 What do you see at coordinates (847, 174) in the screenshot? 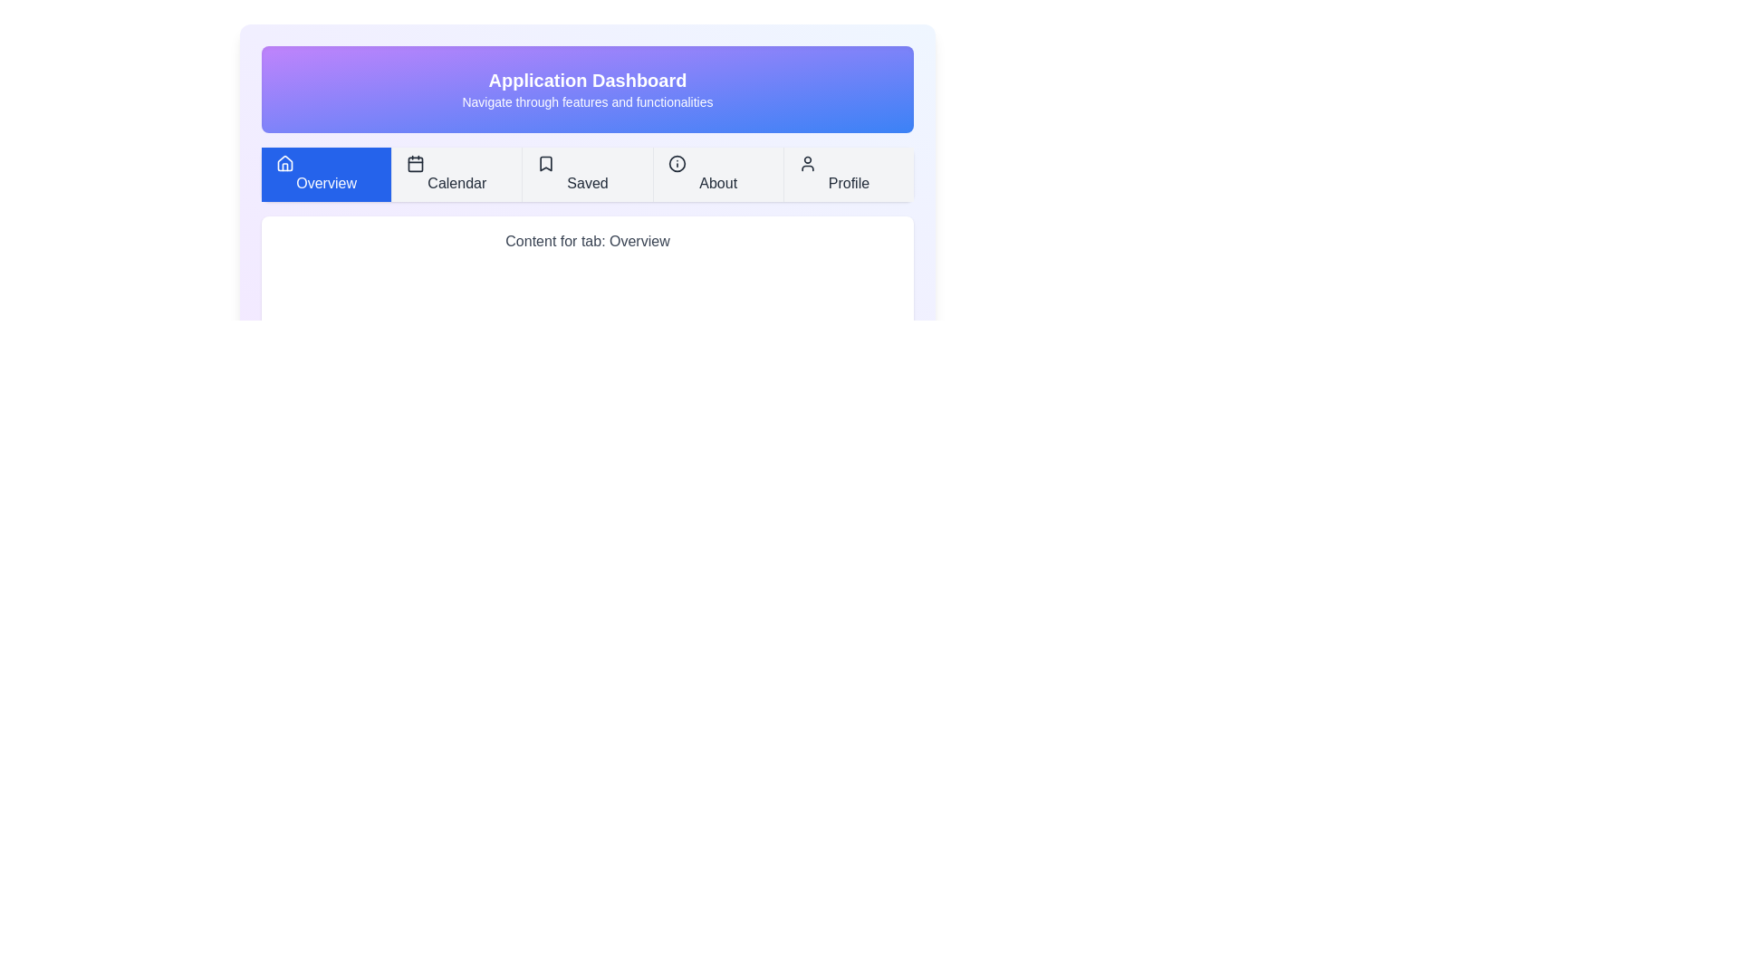
I see `the 'Profile' tab in the navigation bar, which is the fifth tab from the left and contains a user icon and the text 'Profile'` at bounding box center [847, 174].